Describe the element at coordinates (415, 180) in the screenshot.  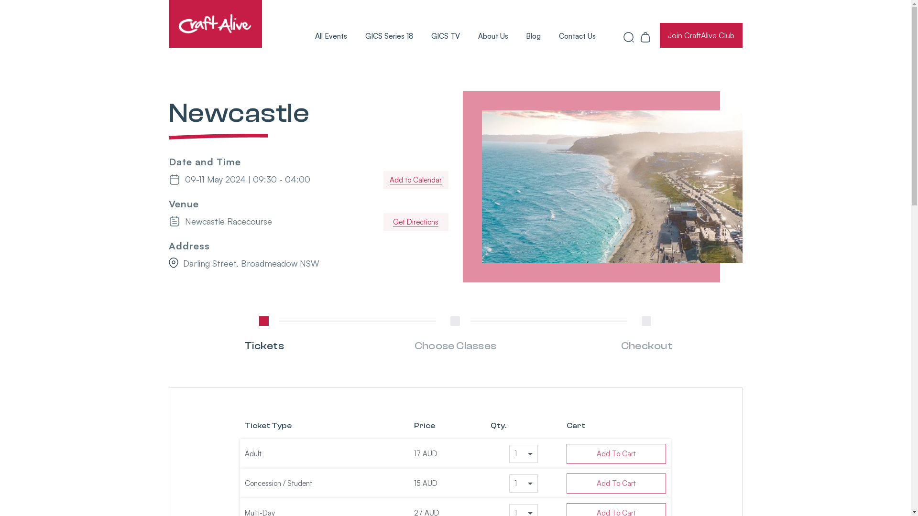
I see `'Add to Calendar'` at that location.